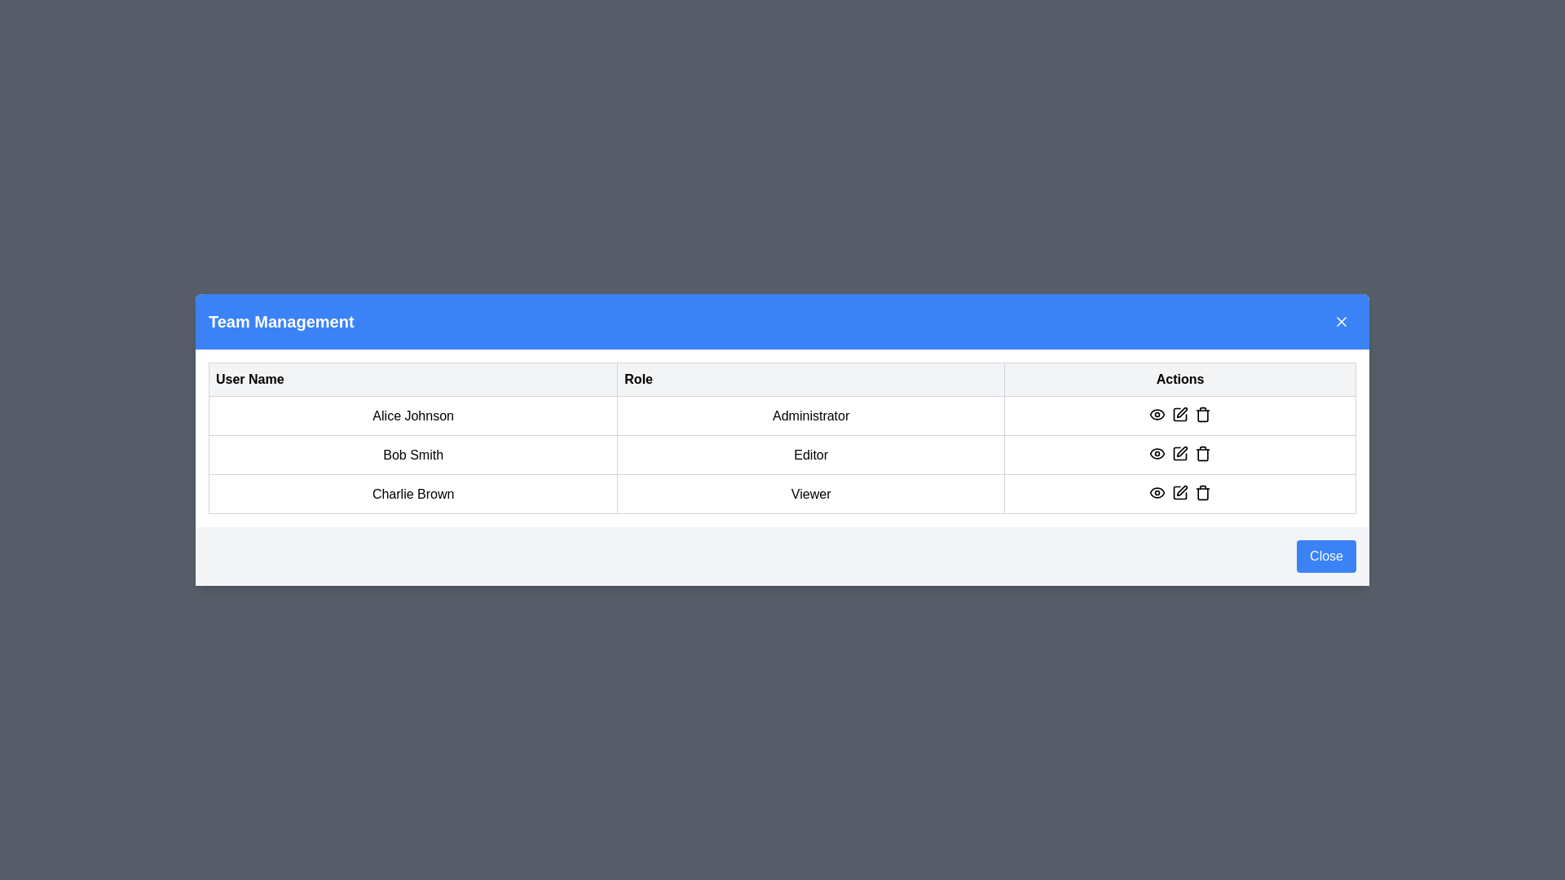 The image size is (1565, 880). What do you see at coordinates (1180, 453) in the screenshot?
I see `the edit icon button associated with user 'Bob Smith' to initiate editing, located in the second position under the 'Actions' column` at bounding box center [1180, 453].